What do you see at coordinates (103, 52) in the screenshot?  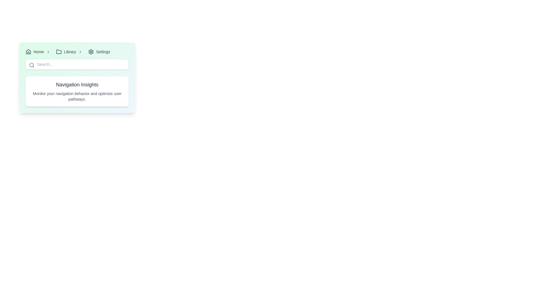 I see `the non-interactive text label that describes settings, located in the breadcrumb-style navigation bar, positioned immediately after the gear icon` at bounding box center [103, 52].